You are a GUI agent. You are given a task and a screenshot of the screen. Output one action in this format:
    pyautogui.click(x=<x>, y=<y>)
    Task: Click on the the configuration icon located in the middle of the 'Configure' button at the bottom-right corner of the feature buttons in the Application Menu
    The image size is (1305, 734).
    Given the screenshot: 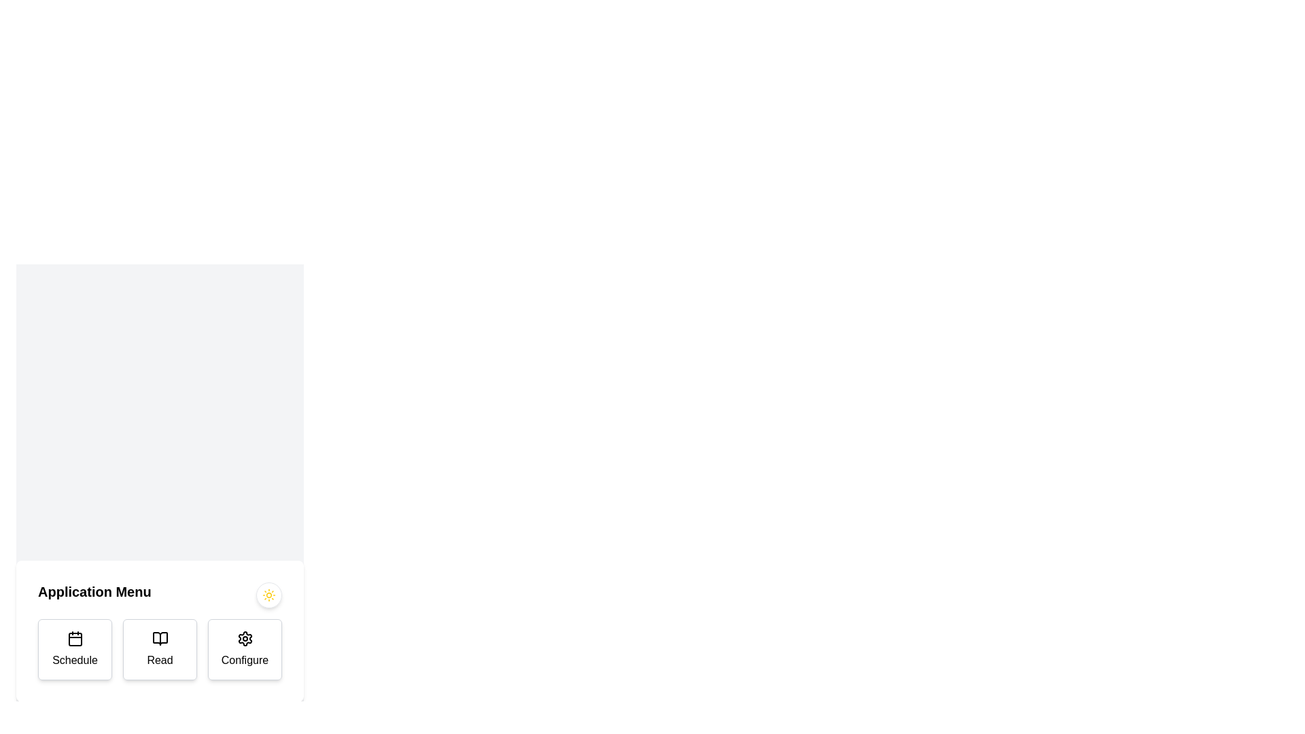 What is the action you would take?
    pyautogui.click(x=245, y=639)
    